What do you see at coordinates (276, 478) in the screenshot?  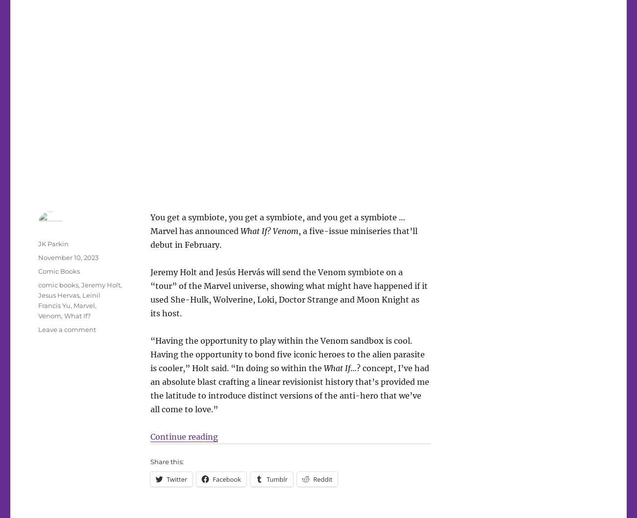 I see `'Tumblr'` at bounding box center [276, 478].